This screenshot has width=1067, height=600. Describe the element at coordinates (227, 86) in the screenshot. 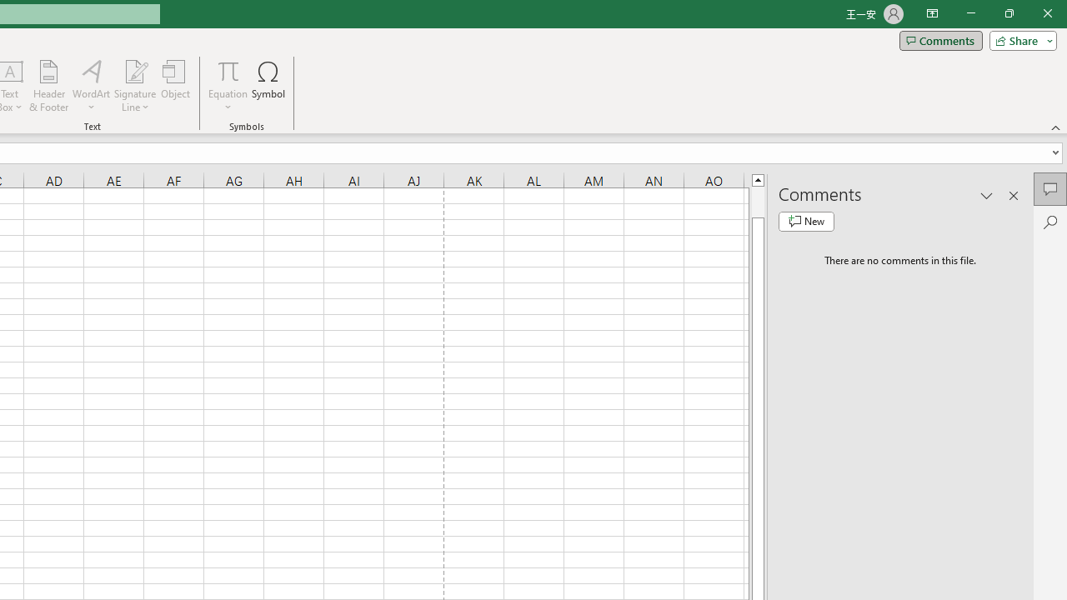

I see `'Equation'` at that location.